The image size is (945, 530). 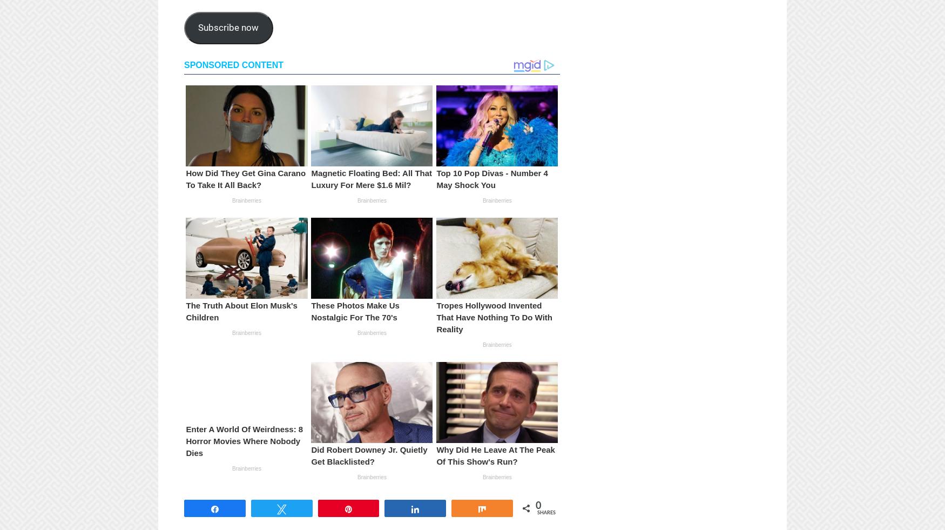 What do you see at coordinates (495, 455) in the screenshot?
I see `'Why Did He Leave At The Peak Of This Show's Run?'` at bounding box center [495, 455].